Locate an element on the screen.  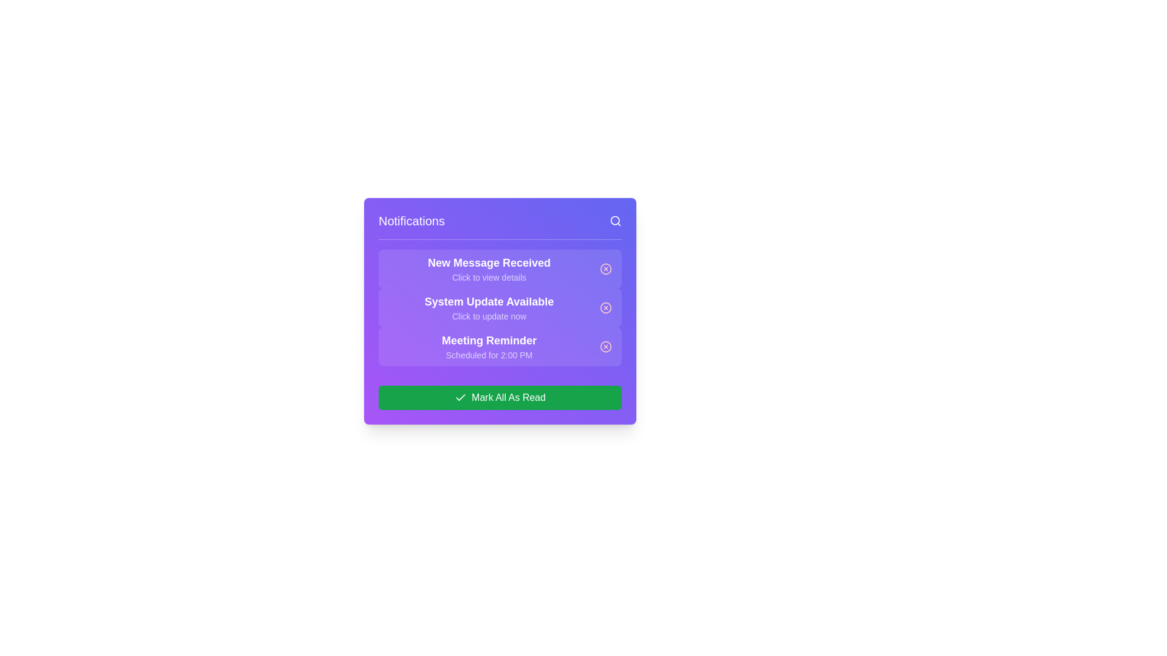
the dismiss button located to the far right of the first notification item, adjacent to the text 'New Message Received' is located at coordinates (606, 268).